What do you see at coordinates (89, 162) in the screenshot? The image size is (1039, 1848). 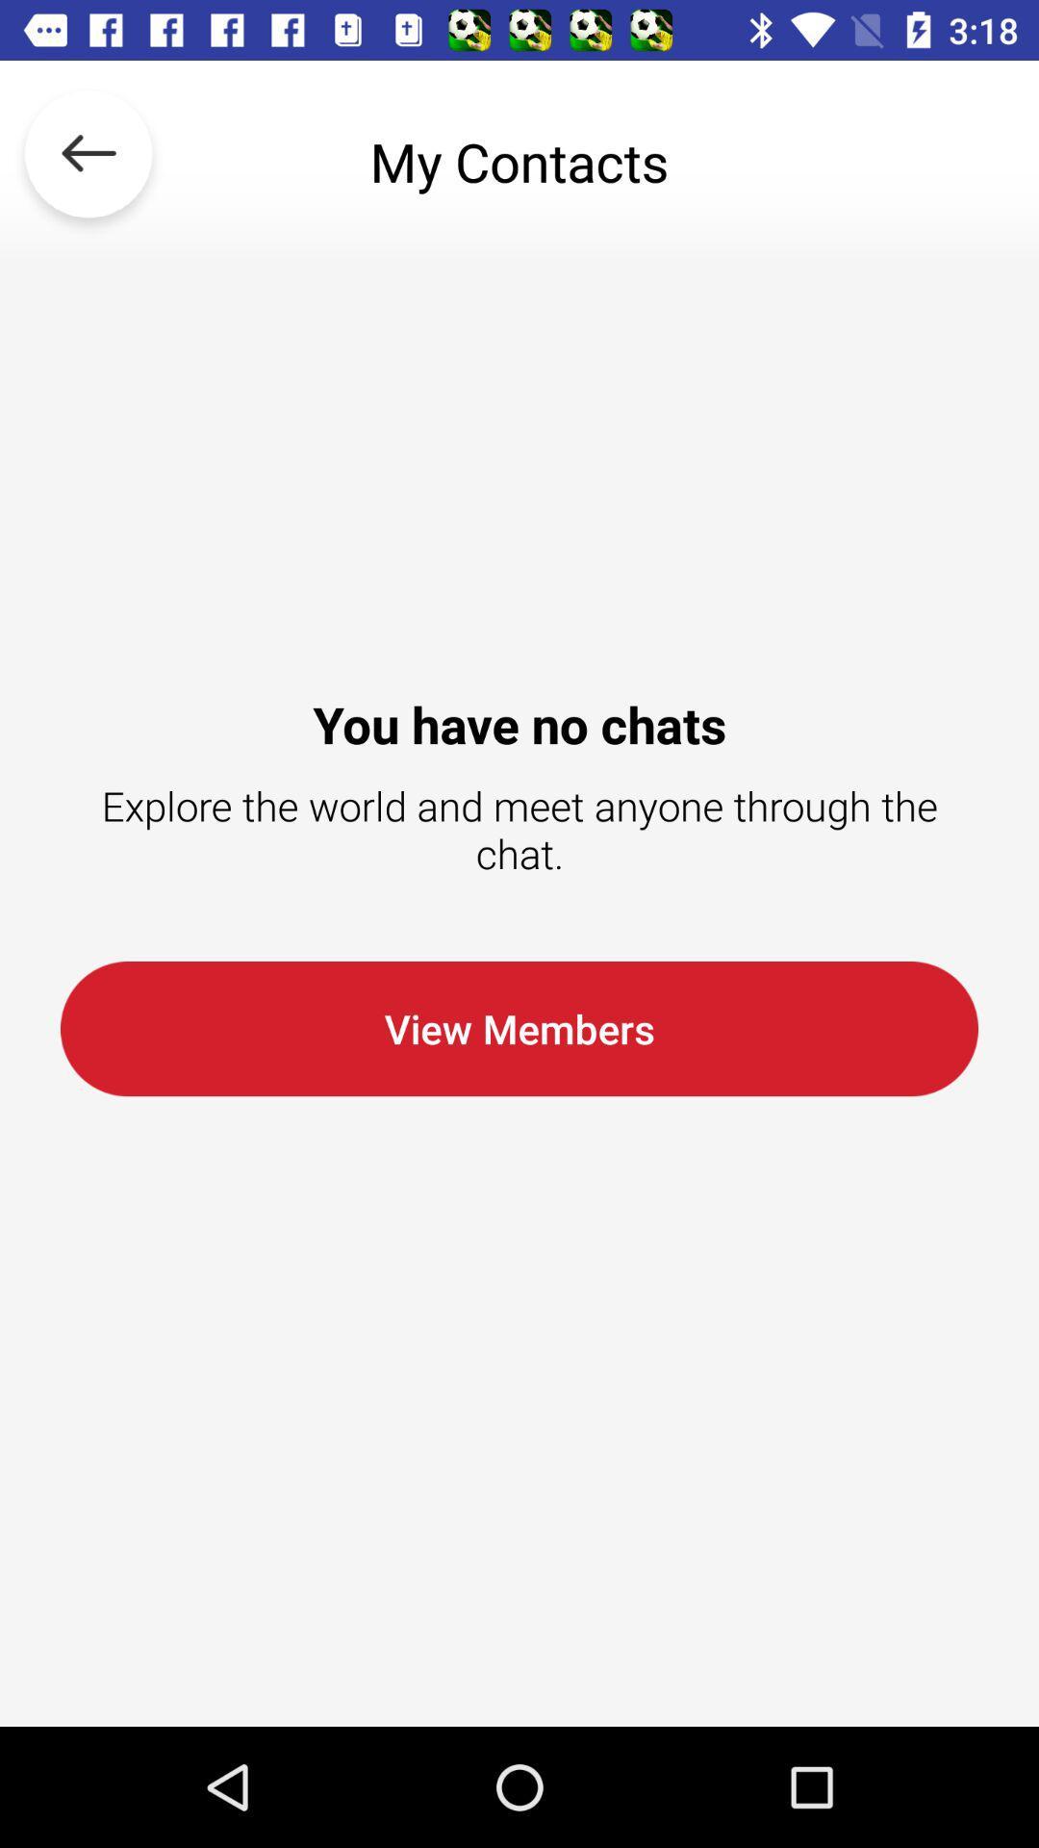 I see `the item at the top left corner` at bounding box center [89, 162].